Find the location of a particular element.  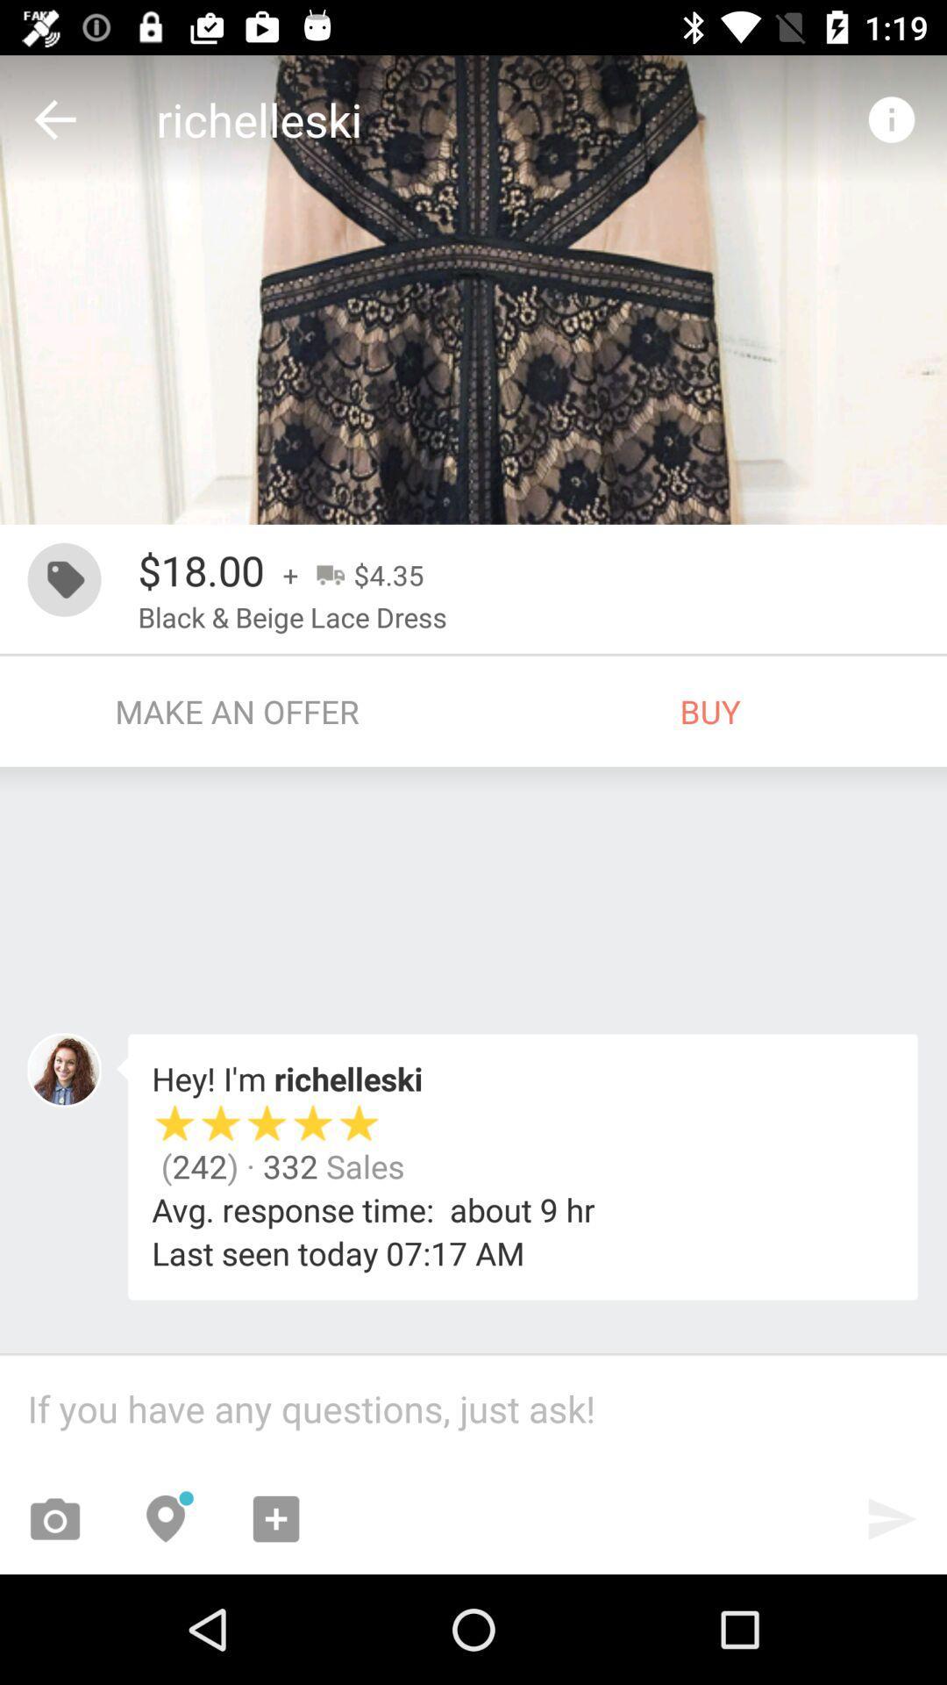

the add icon is located at coordinates (276, 1518).